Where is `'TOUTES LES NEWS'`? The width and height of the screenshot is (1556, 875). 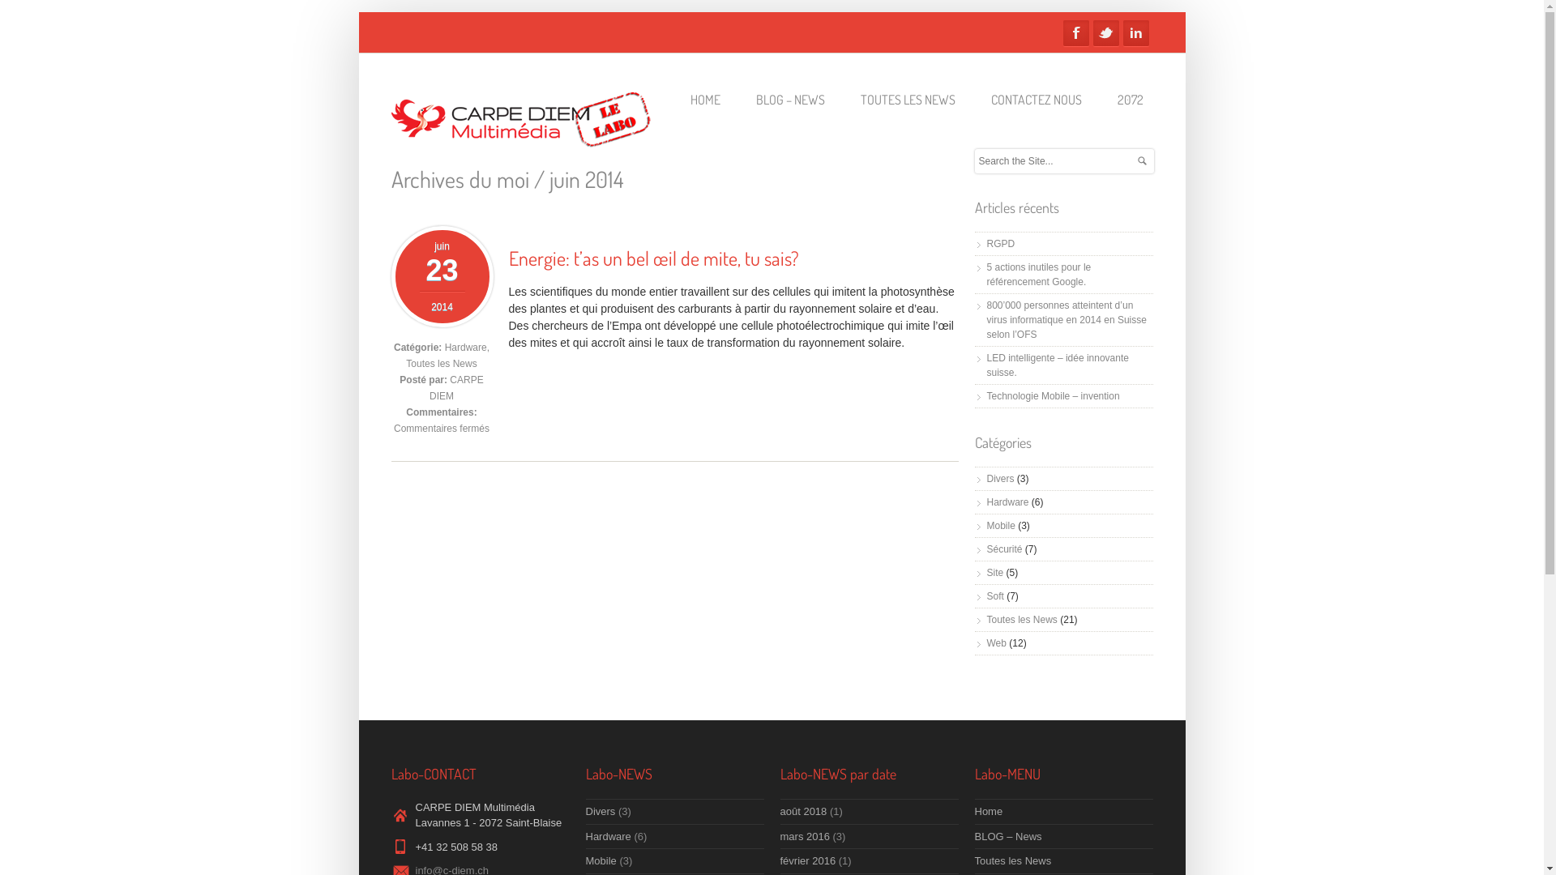 'TOUTES LES NEWS' is located at coordinates (908, 100).